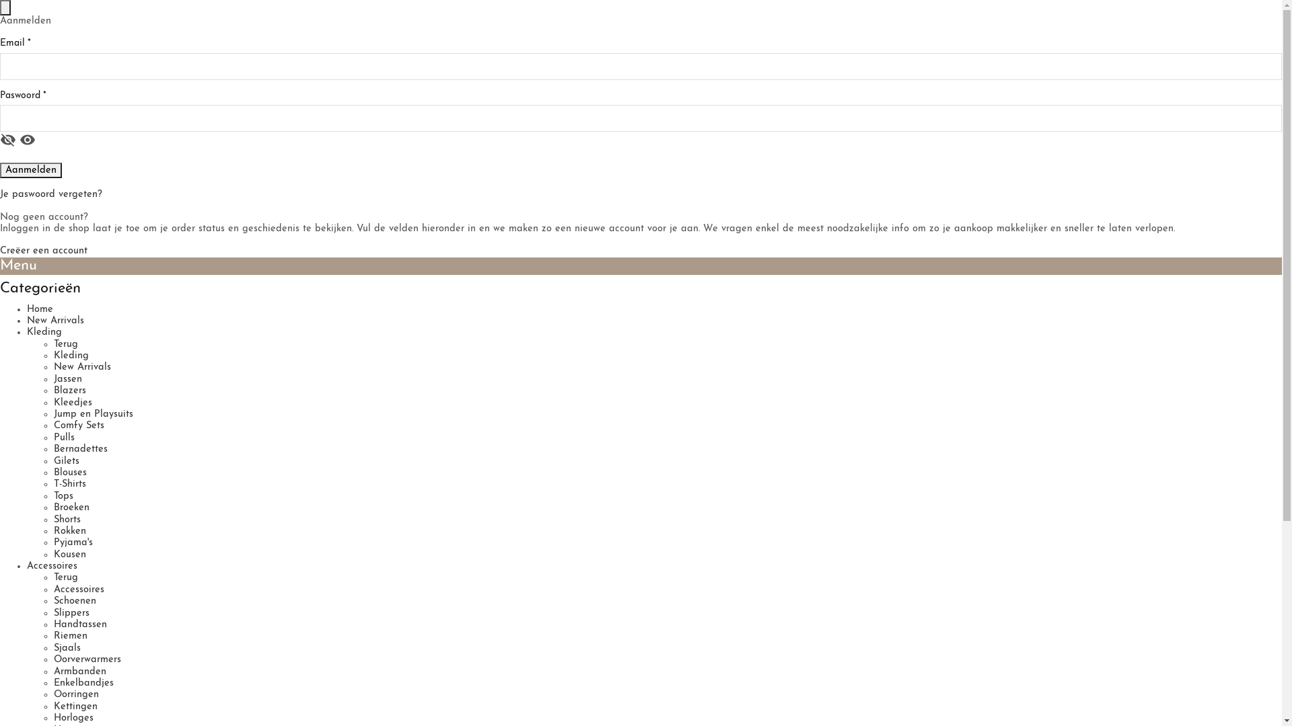  Describe the element at coordinates (40, 309) in the screenshot. I see `'Home'` at that location.